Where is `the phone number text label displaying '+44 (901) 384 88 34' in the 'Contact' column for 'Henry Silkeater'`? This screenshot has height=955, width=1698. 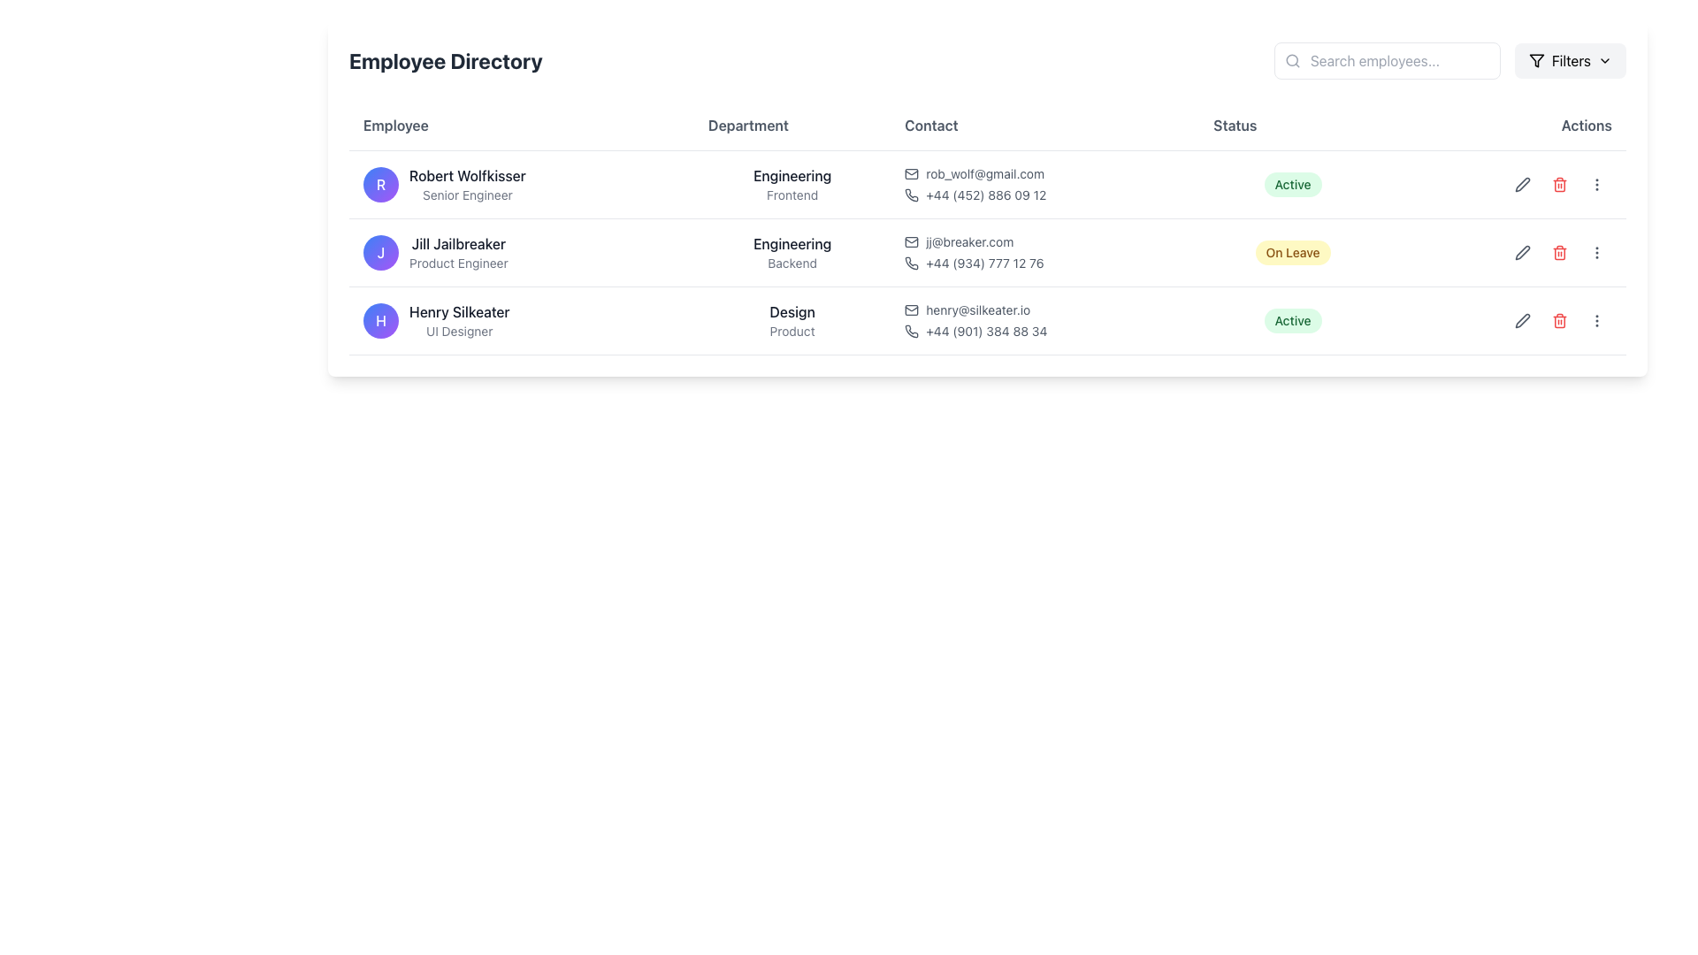 the phone number text label displaying '+44 (901) 384 88 34' in the 'Contact' column for 'Henry Silkeater' is located at coordinates (985, 331).